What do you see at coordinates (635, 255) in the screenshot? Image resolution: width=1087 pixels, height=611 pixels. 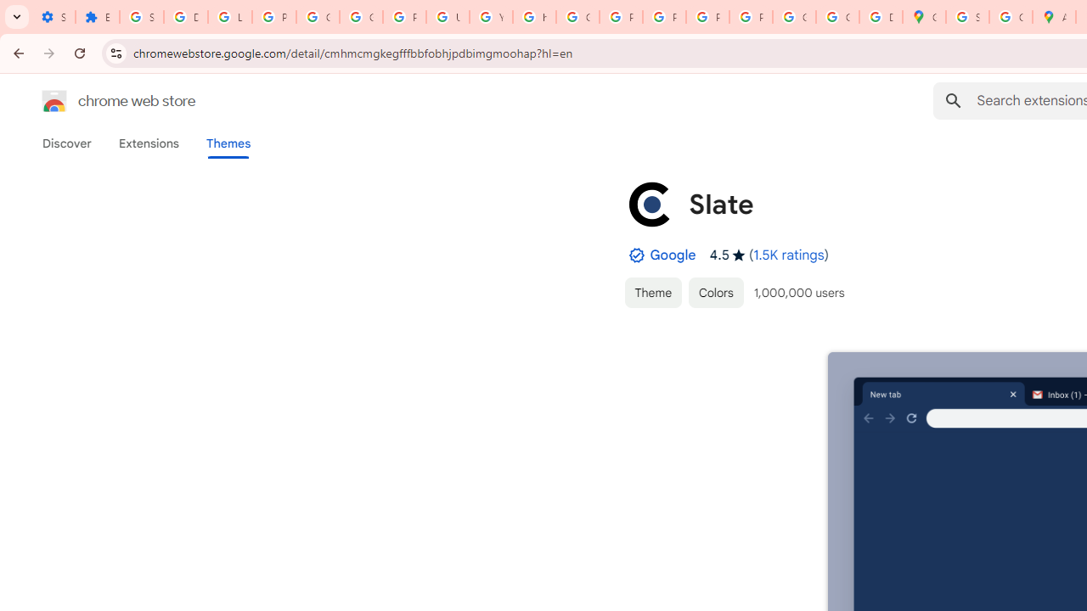 I see `'By Established Publisher Badge'` at bounding box center [635, 255].